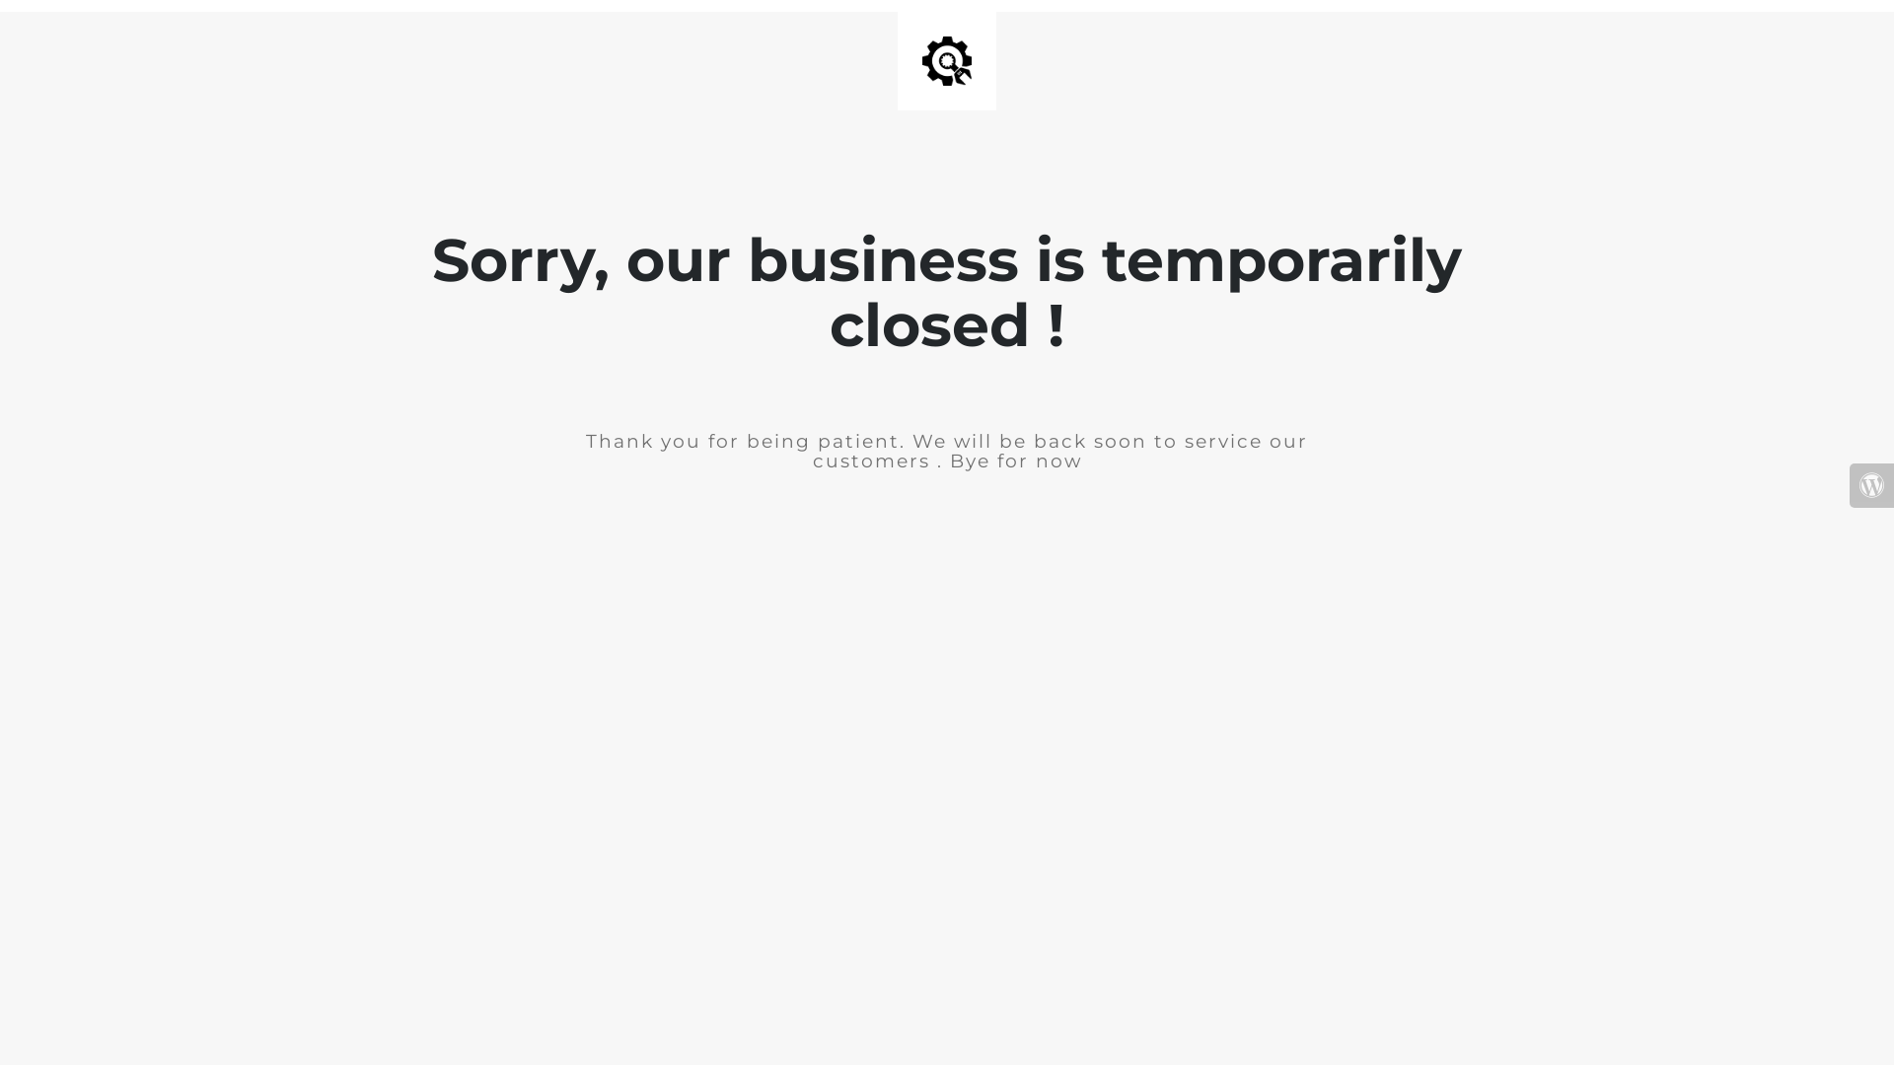 The height and width of the screenshot is (1065, 1894). I want to click on 'Site is Under Construction', so click(947, 59).